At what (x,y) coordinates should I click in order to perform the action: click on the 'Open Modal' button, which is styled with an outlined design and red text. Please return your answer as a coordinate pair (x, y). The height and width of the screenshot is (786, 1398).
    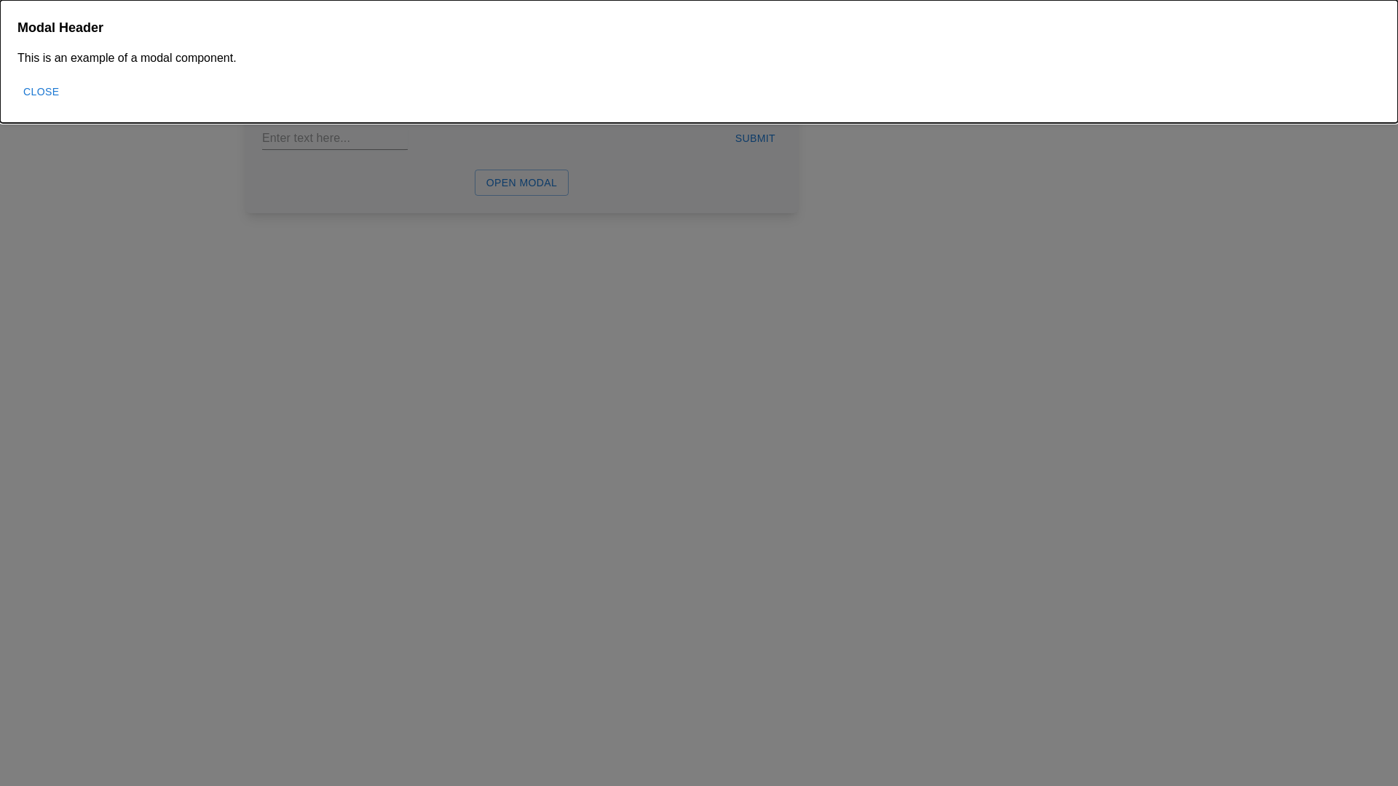
    Looking at the image, I should click on (521, 178).